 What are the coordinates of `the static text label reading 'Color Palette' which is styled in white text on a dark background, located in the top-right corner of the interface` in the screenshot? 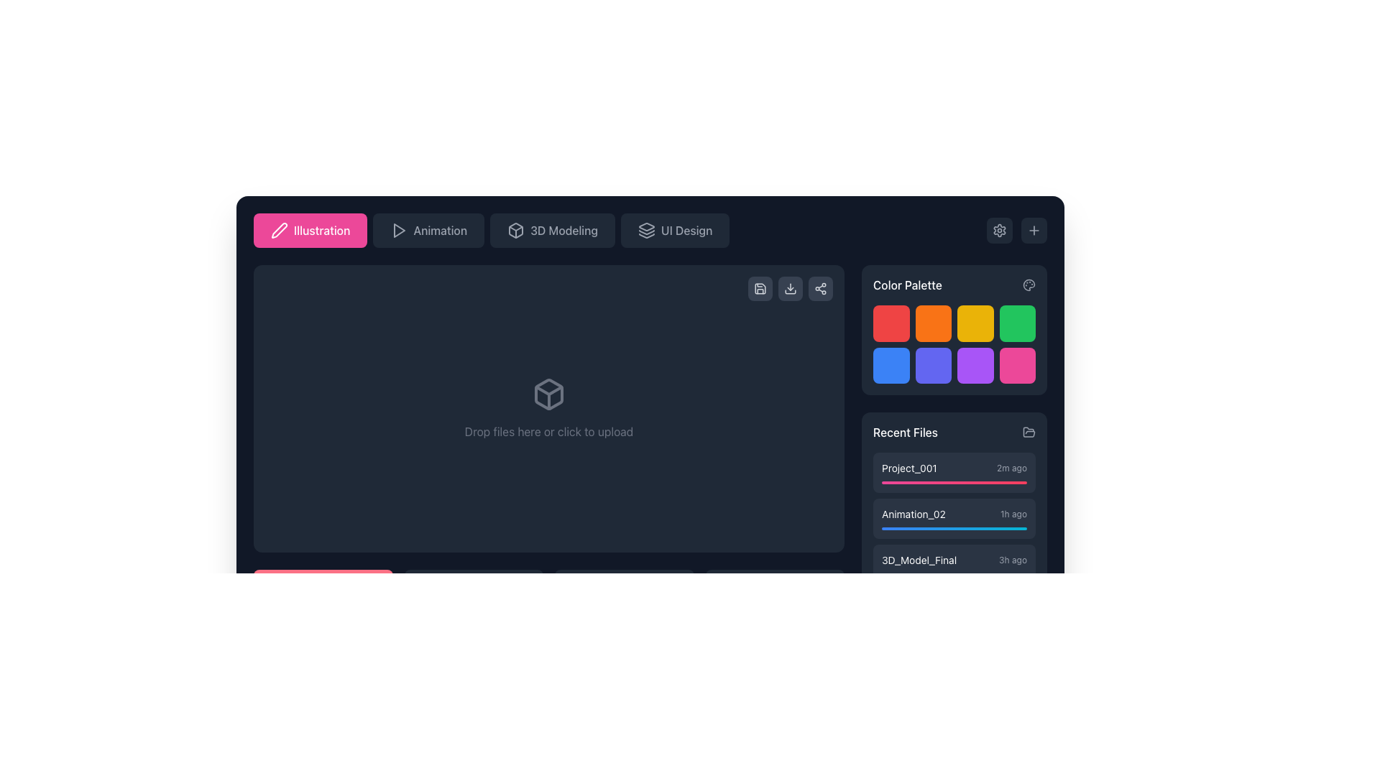 It's located at (906, 285).